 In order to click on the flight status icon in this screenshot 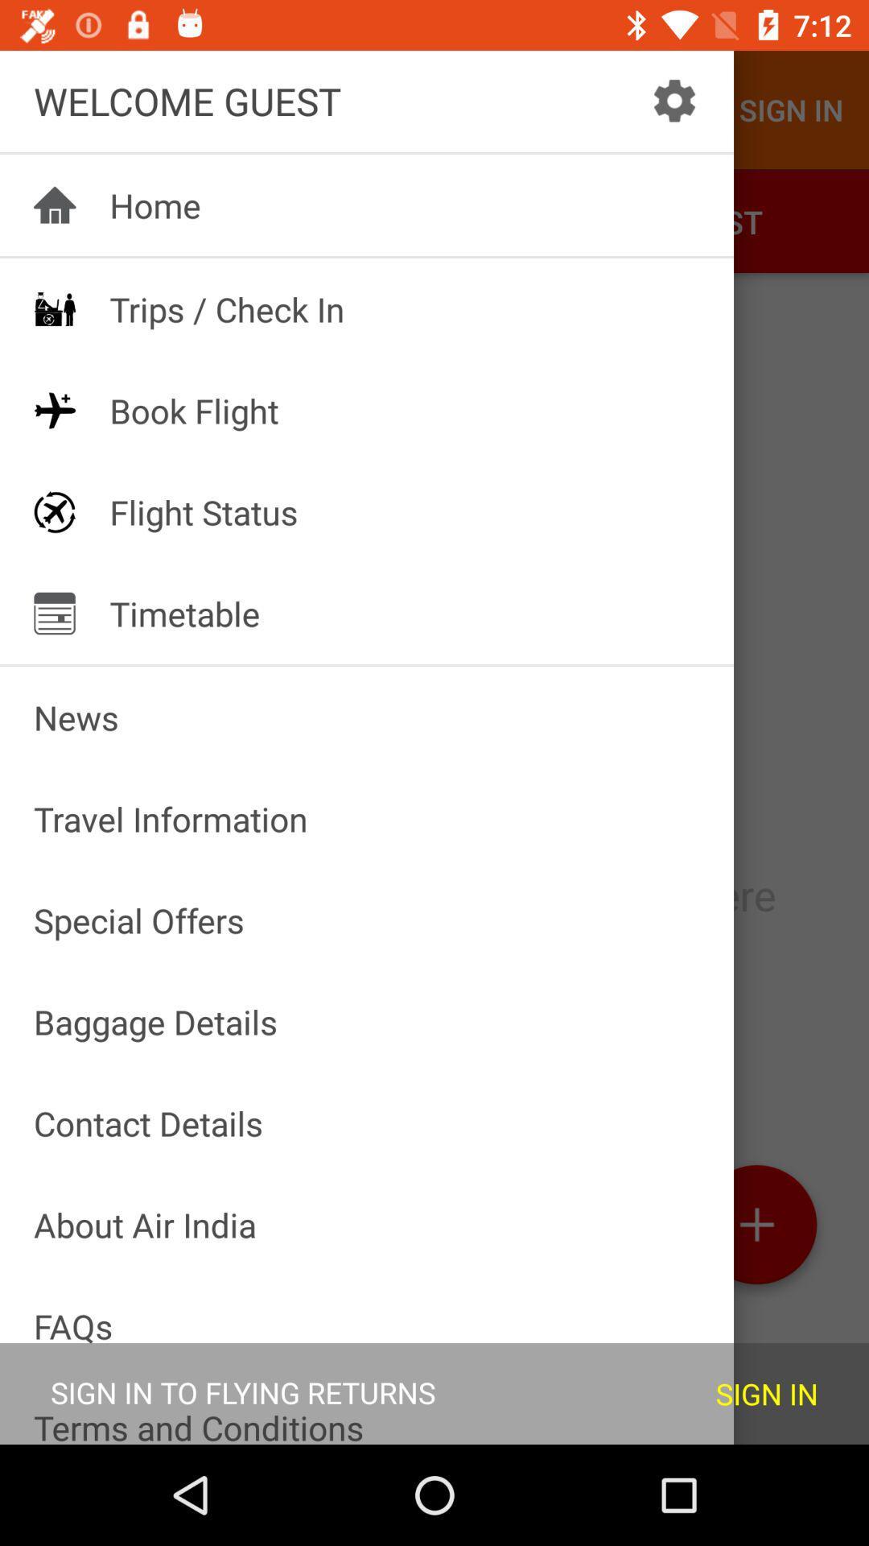, I will do `click(54, 511)`.